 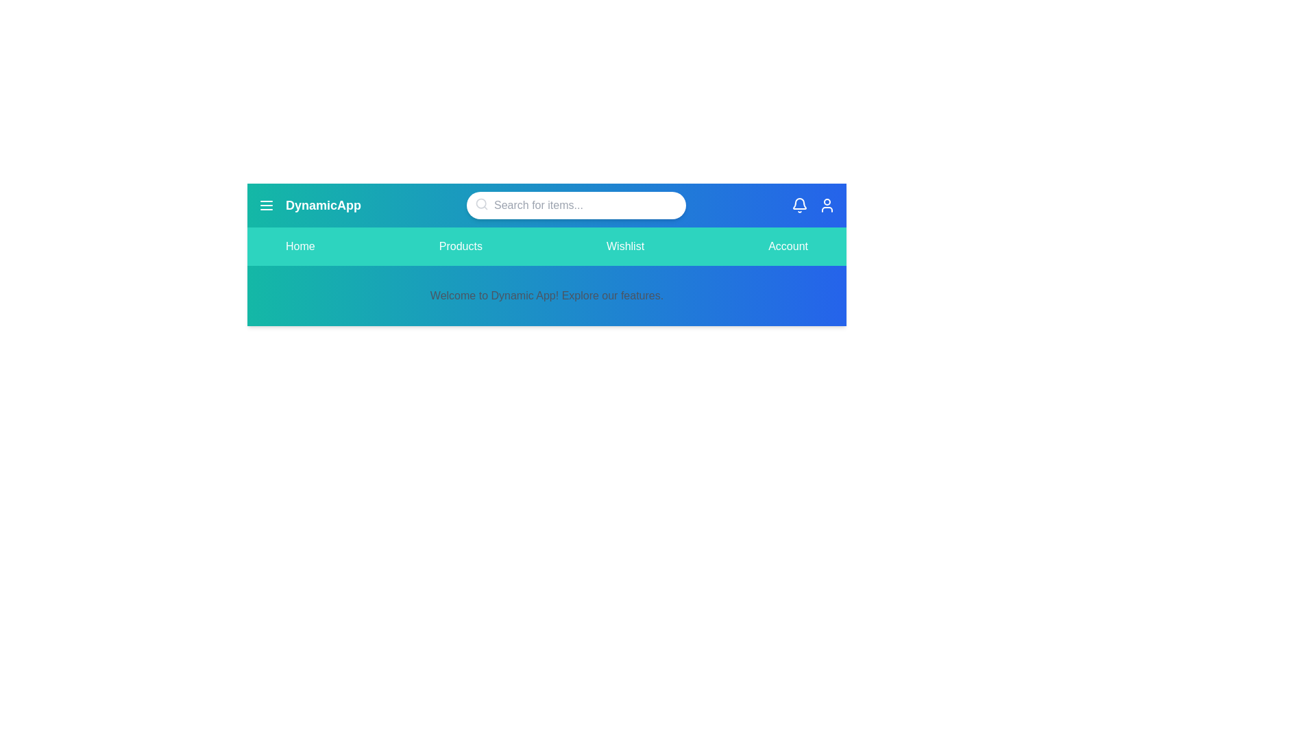 I want to click on the navigation tab Account to trigger interaction feedback, so click(x=788, y=245).